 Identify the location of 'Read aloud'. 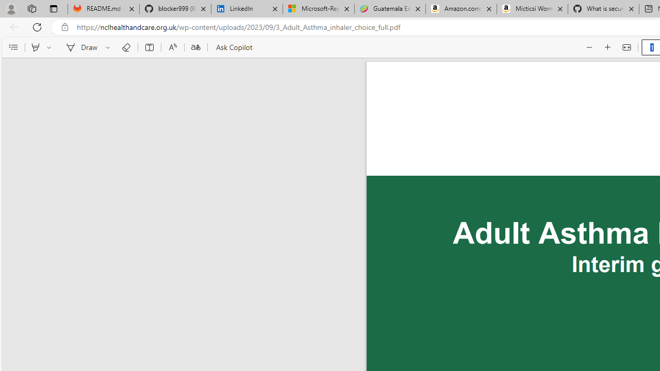
(172, 47).